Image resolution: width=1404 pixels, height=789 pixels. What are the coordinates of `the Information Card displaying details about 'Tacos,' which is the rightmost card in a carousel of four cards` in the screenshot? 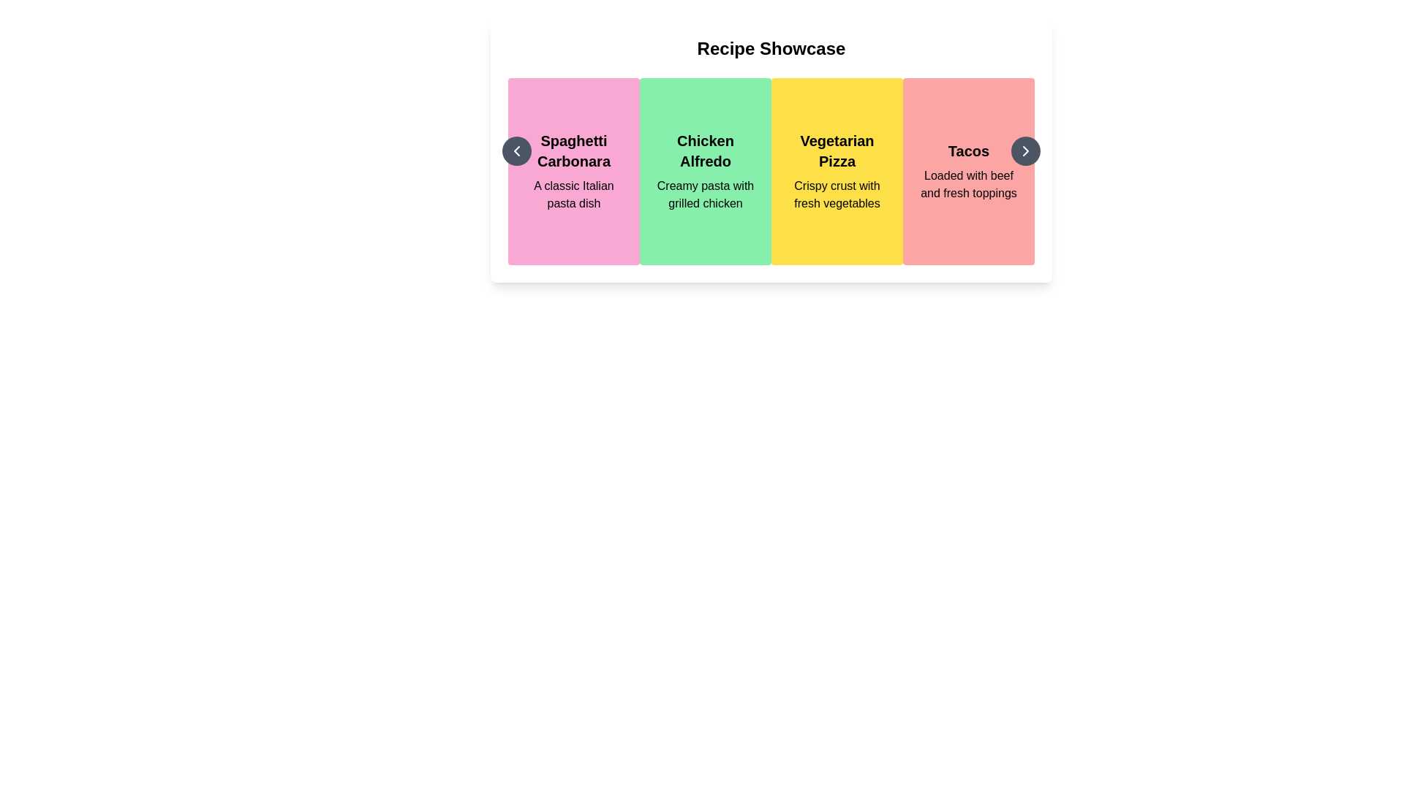 It's located at (968, 171).